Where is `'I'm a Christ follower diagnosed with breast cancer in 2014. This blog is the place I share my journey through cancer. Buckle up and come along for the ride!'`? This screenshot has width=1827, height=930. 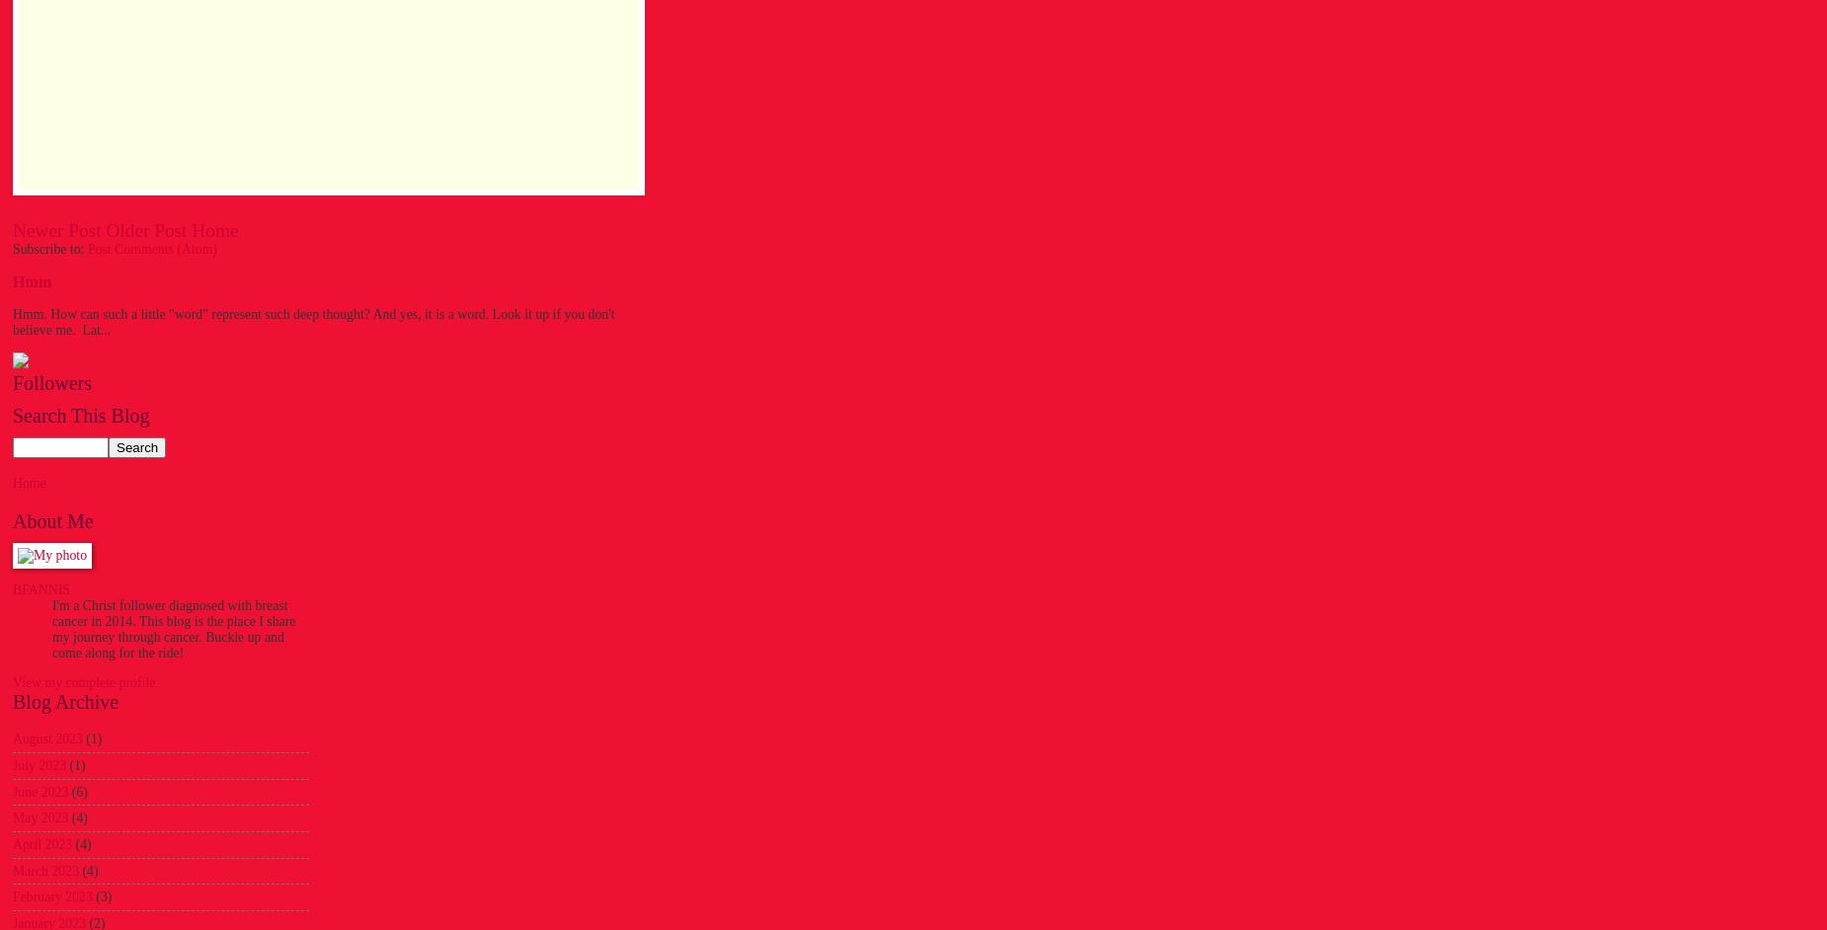 'I'm a Christ follower diagnosed with breast cancer in 2014. This blog is the place I share my journey through cancer. Buckle up and come along for the ride!' is located at coordinates (172, 627).